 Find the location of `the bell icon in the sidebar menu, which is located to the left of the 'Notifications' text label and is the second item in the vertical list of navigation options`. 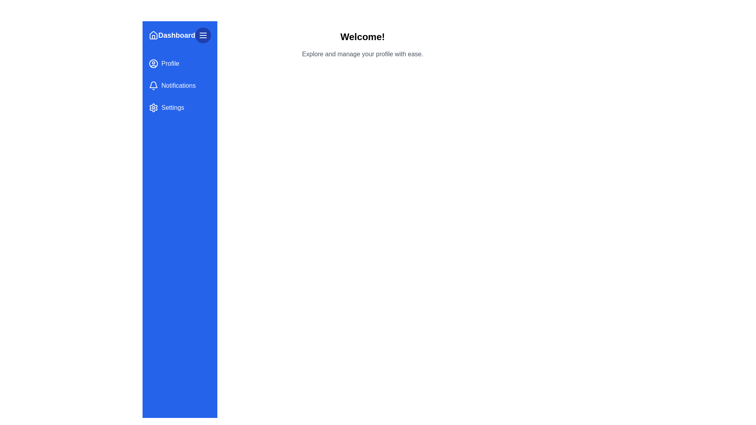

the bell icon in the sidebar menu, which is located to the left of the 'Notifications' text label and is the second item in the vertical list of navigation options is located at coordinates (153, 85).